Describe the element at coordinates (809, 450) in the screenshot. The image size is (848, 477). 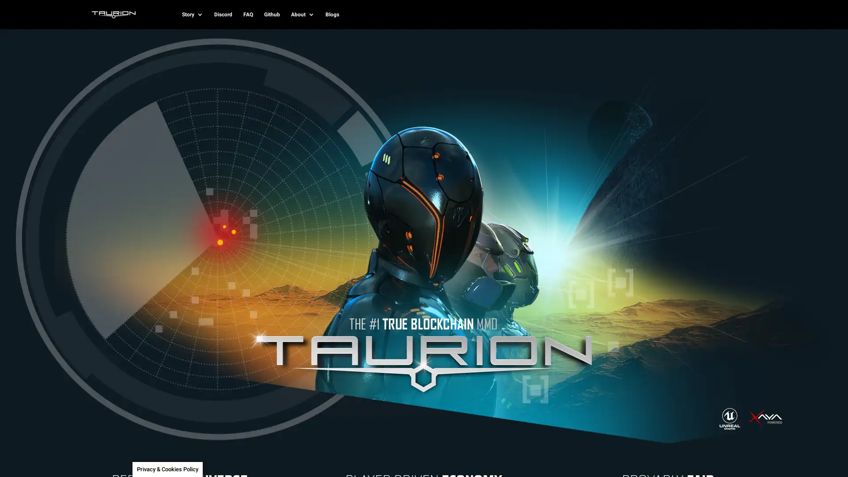
I see `SUBSCRIBE!` at that location.